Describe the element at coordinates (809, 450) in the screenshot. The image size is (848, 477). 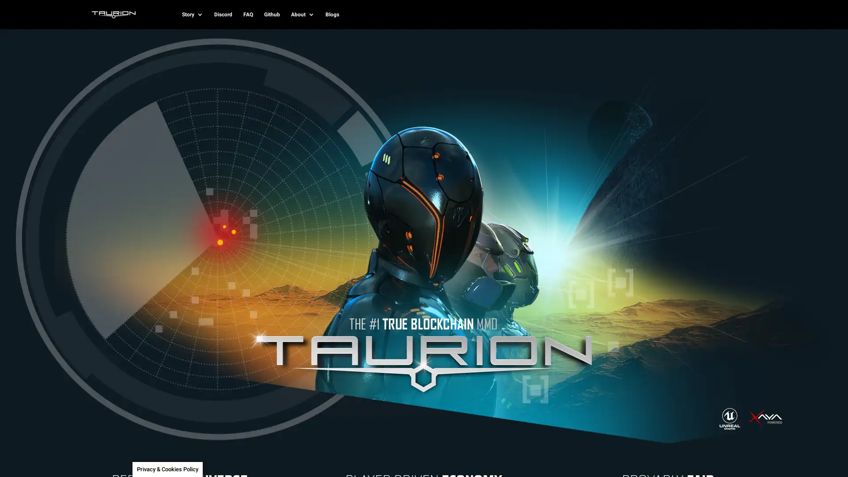
I see `SUBSCRIBE!` at that location.